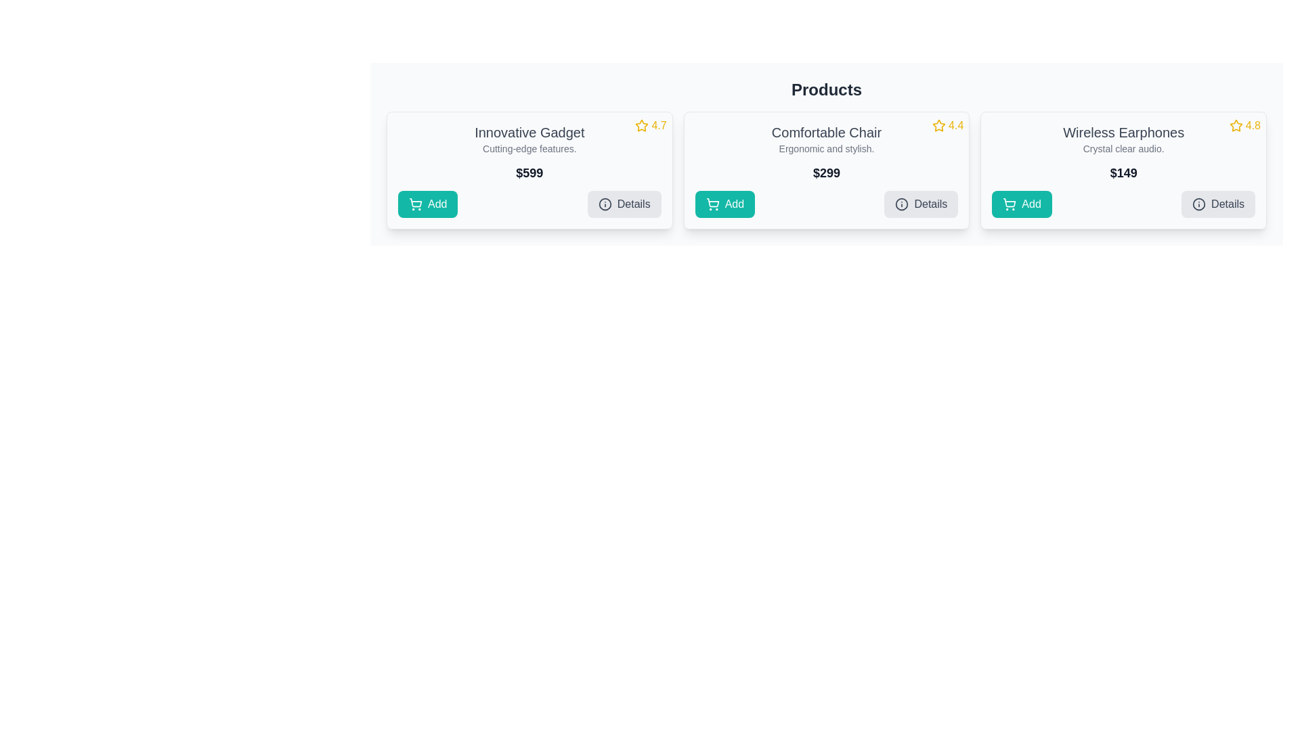  Describe the element at coordinates (947, 125) in the screenshot. I see `the rating display element that consists of a yellow star icon followed by the text '4.4', located in the upper-right corner of the 'Comfortable Chair' card` at that location.